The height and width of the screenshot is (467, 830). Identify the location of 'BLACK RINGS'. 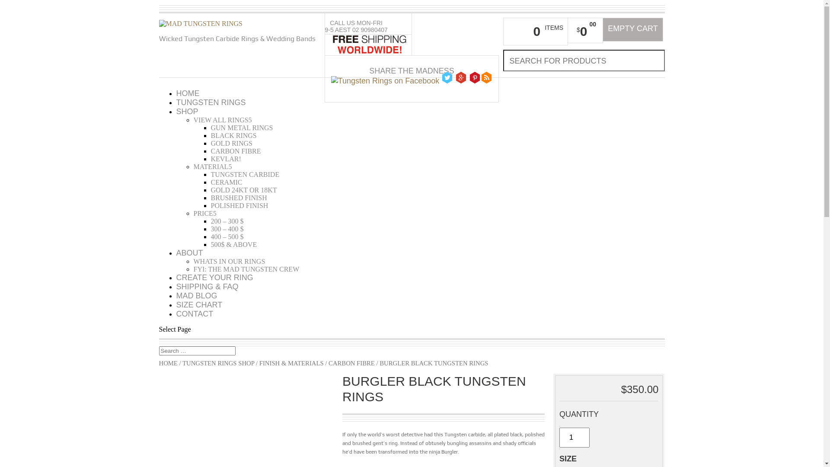
(234, 135).